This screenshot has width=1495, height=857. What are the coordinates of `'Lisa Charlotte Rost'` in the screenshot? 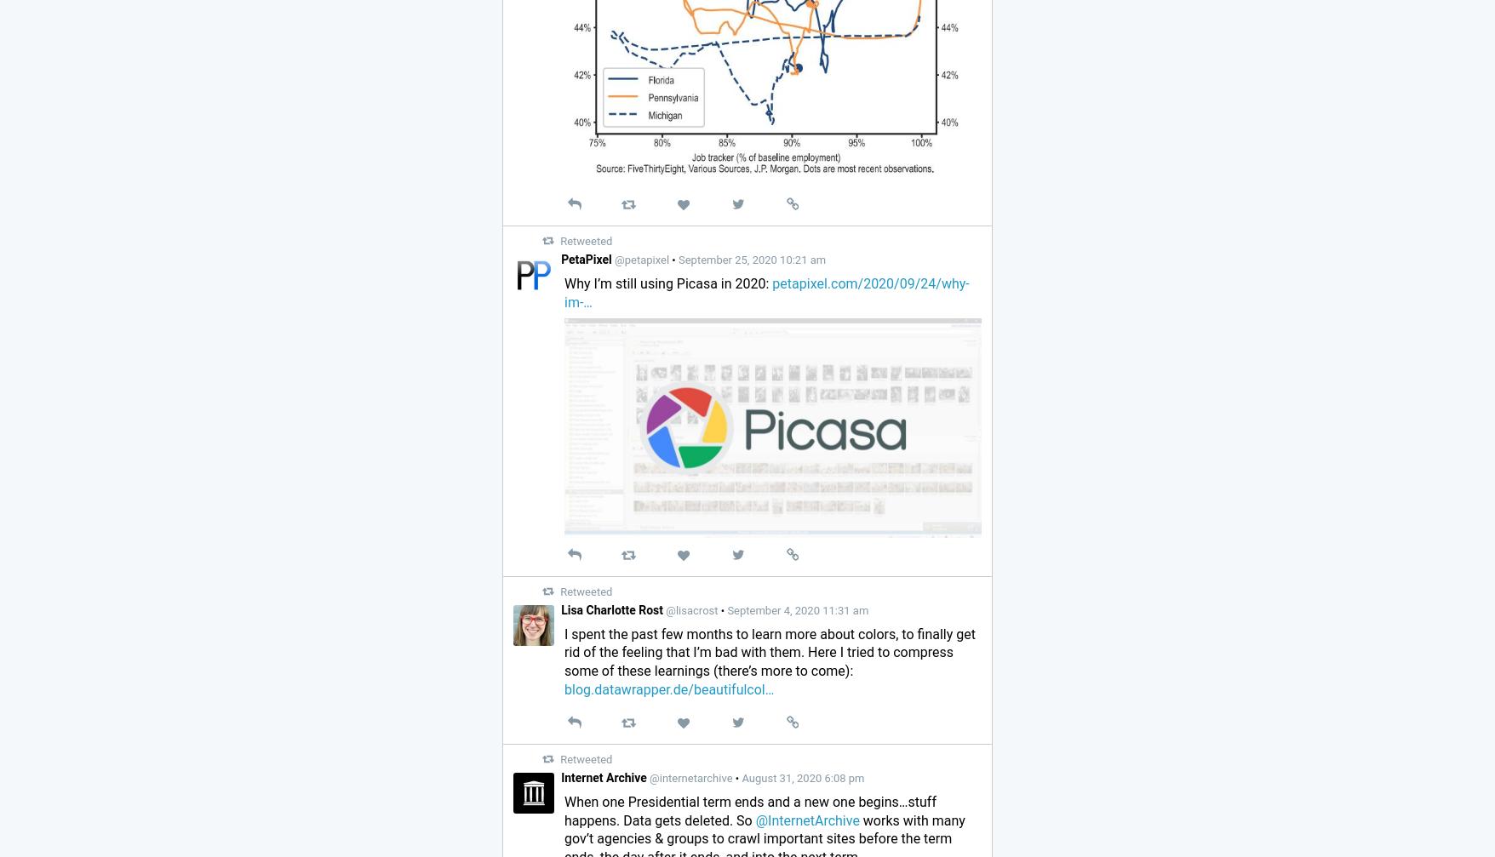 It's located at (612, 608).